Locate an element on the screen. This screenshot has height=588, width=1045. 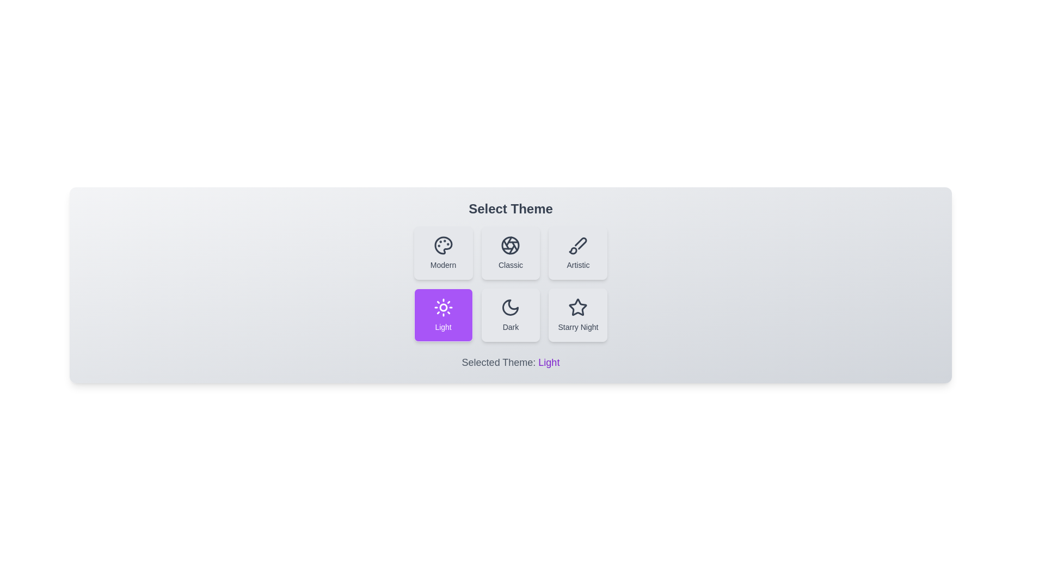
the theme button labeled 'Classic' to preview its effect is located at coordinates (510, 253).